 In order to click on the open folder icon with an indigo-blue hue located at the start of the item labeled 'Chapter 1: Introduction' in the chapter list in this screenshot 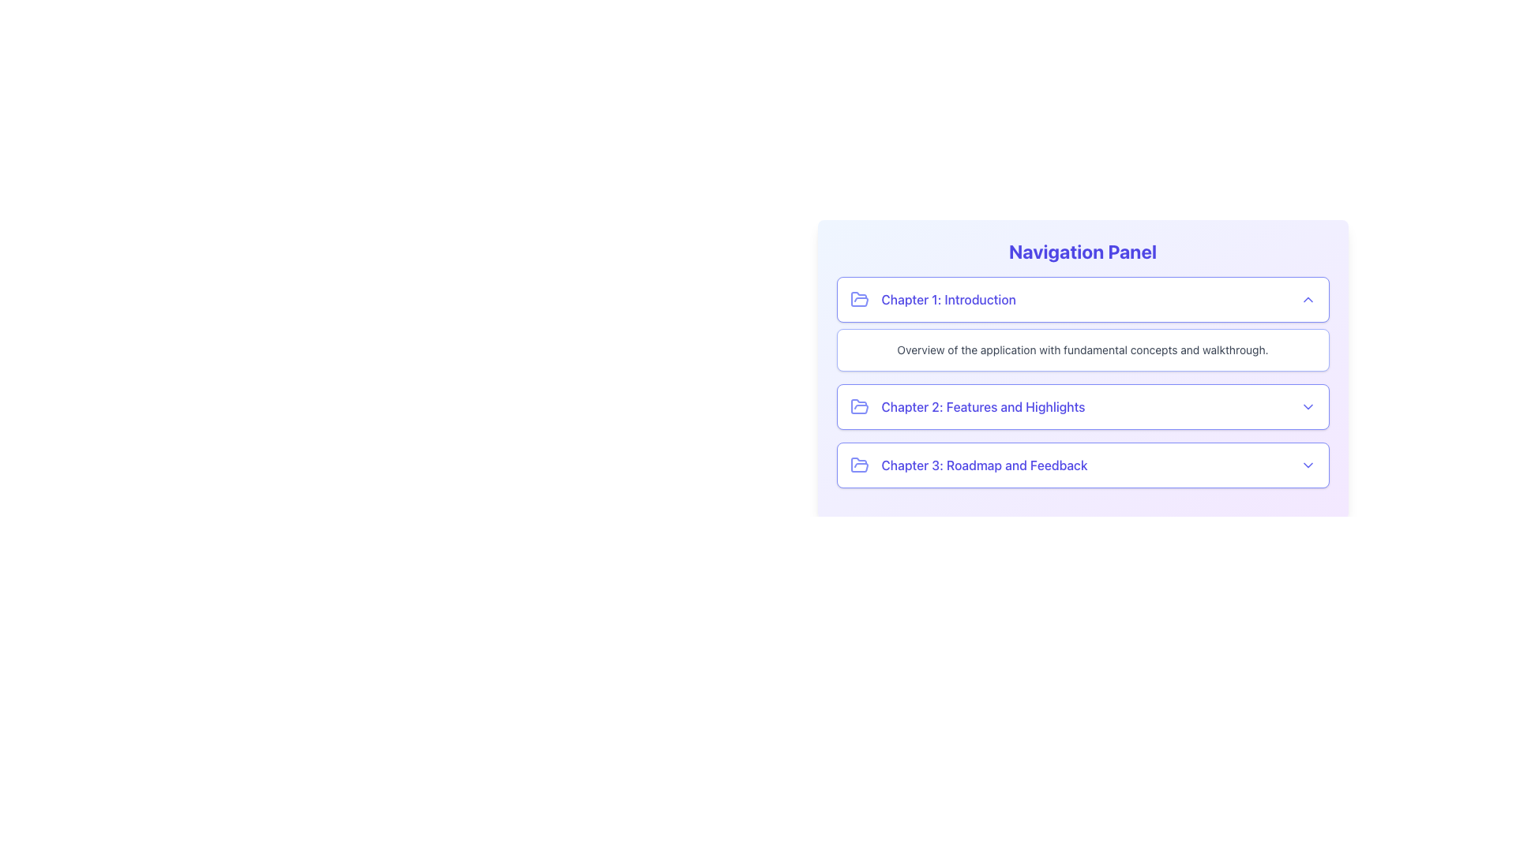, I will do `click(858, 300)`.